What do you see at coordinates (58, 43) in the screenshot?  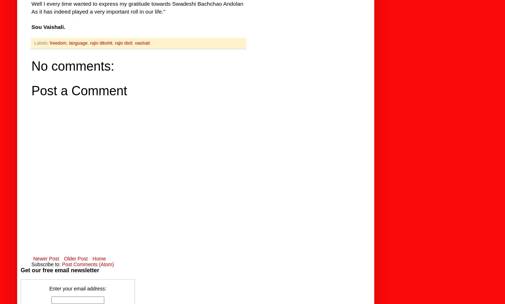 I see `'freedom'` at bounding box center [58, 43].